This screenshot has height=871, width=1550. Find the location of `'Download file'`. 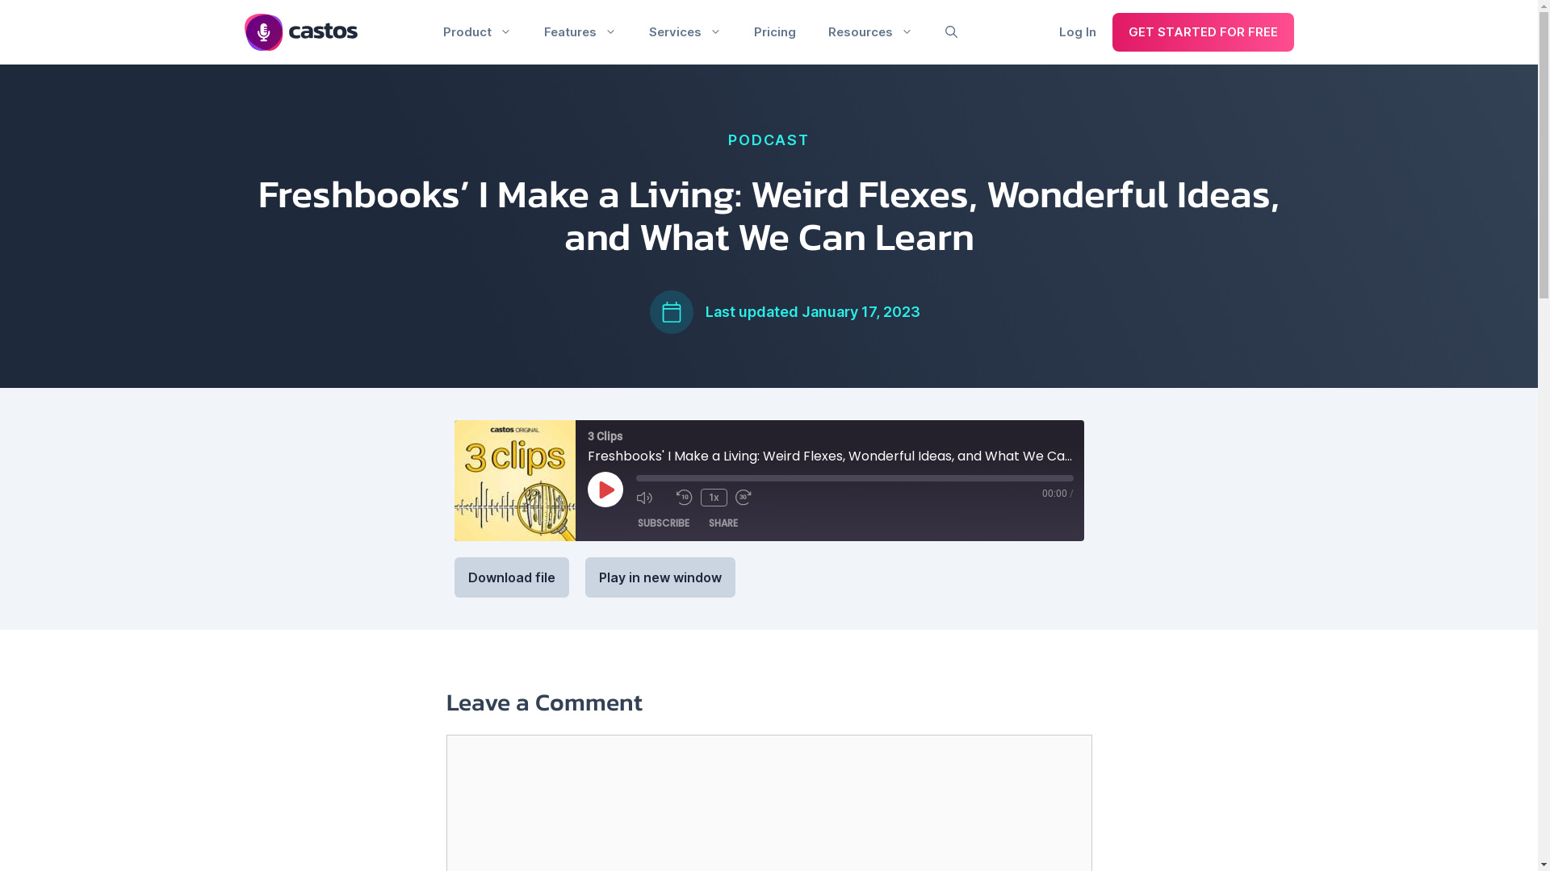

'Download file' is located at coordinates (510, 577).